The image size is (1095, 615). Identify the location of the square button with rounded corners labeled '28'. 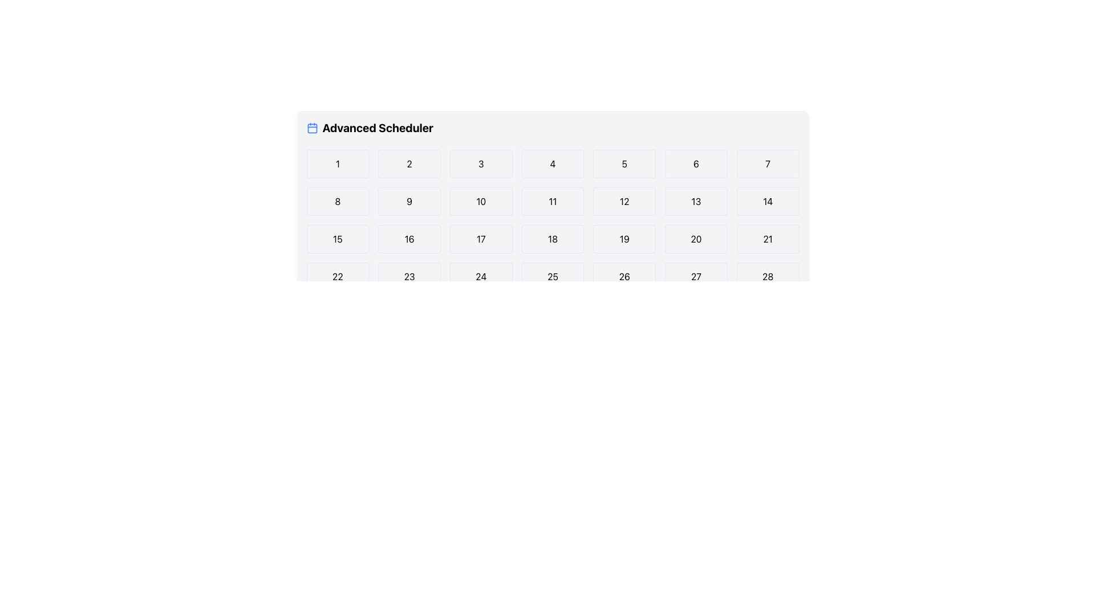
(768, 277).